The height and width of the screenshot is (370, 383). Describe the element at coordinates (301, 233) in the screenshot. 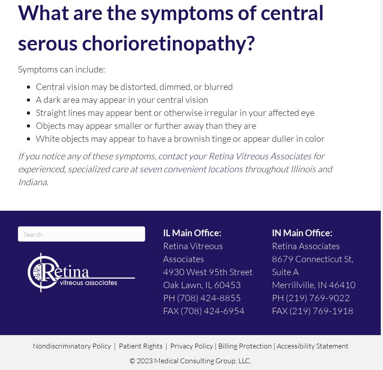

I see `'IN Main Office:'` at that location.